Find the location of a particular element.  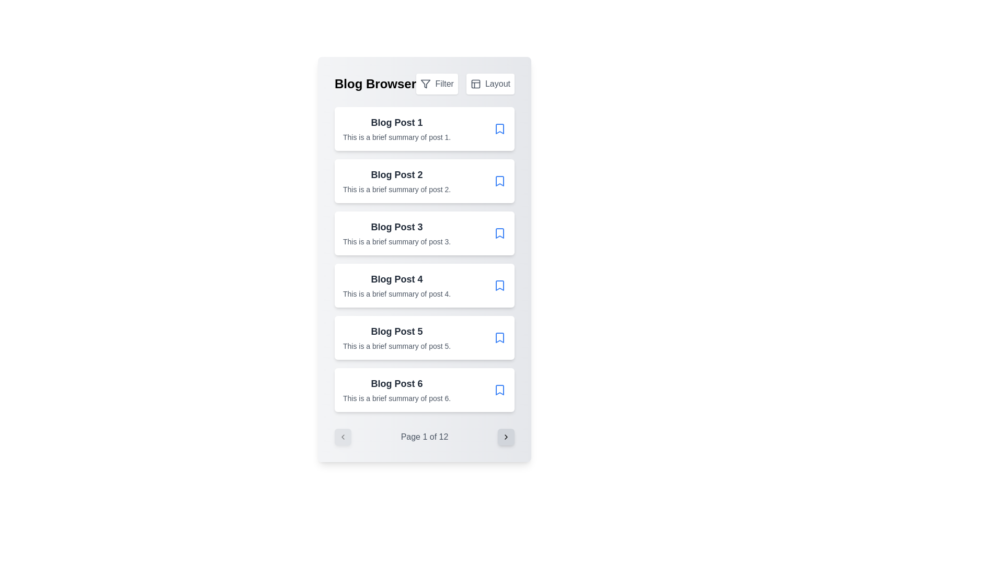

the title text label of the fifth blog post in the vertical list, which provides an overview of the post's content is located at coordinates (396, 332).